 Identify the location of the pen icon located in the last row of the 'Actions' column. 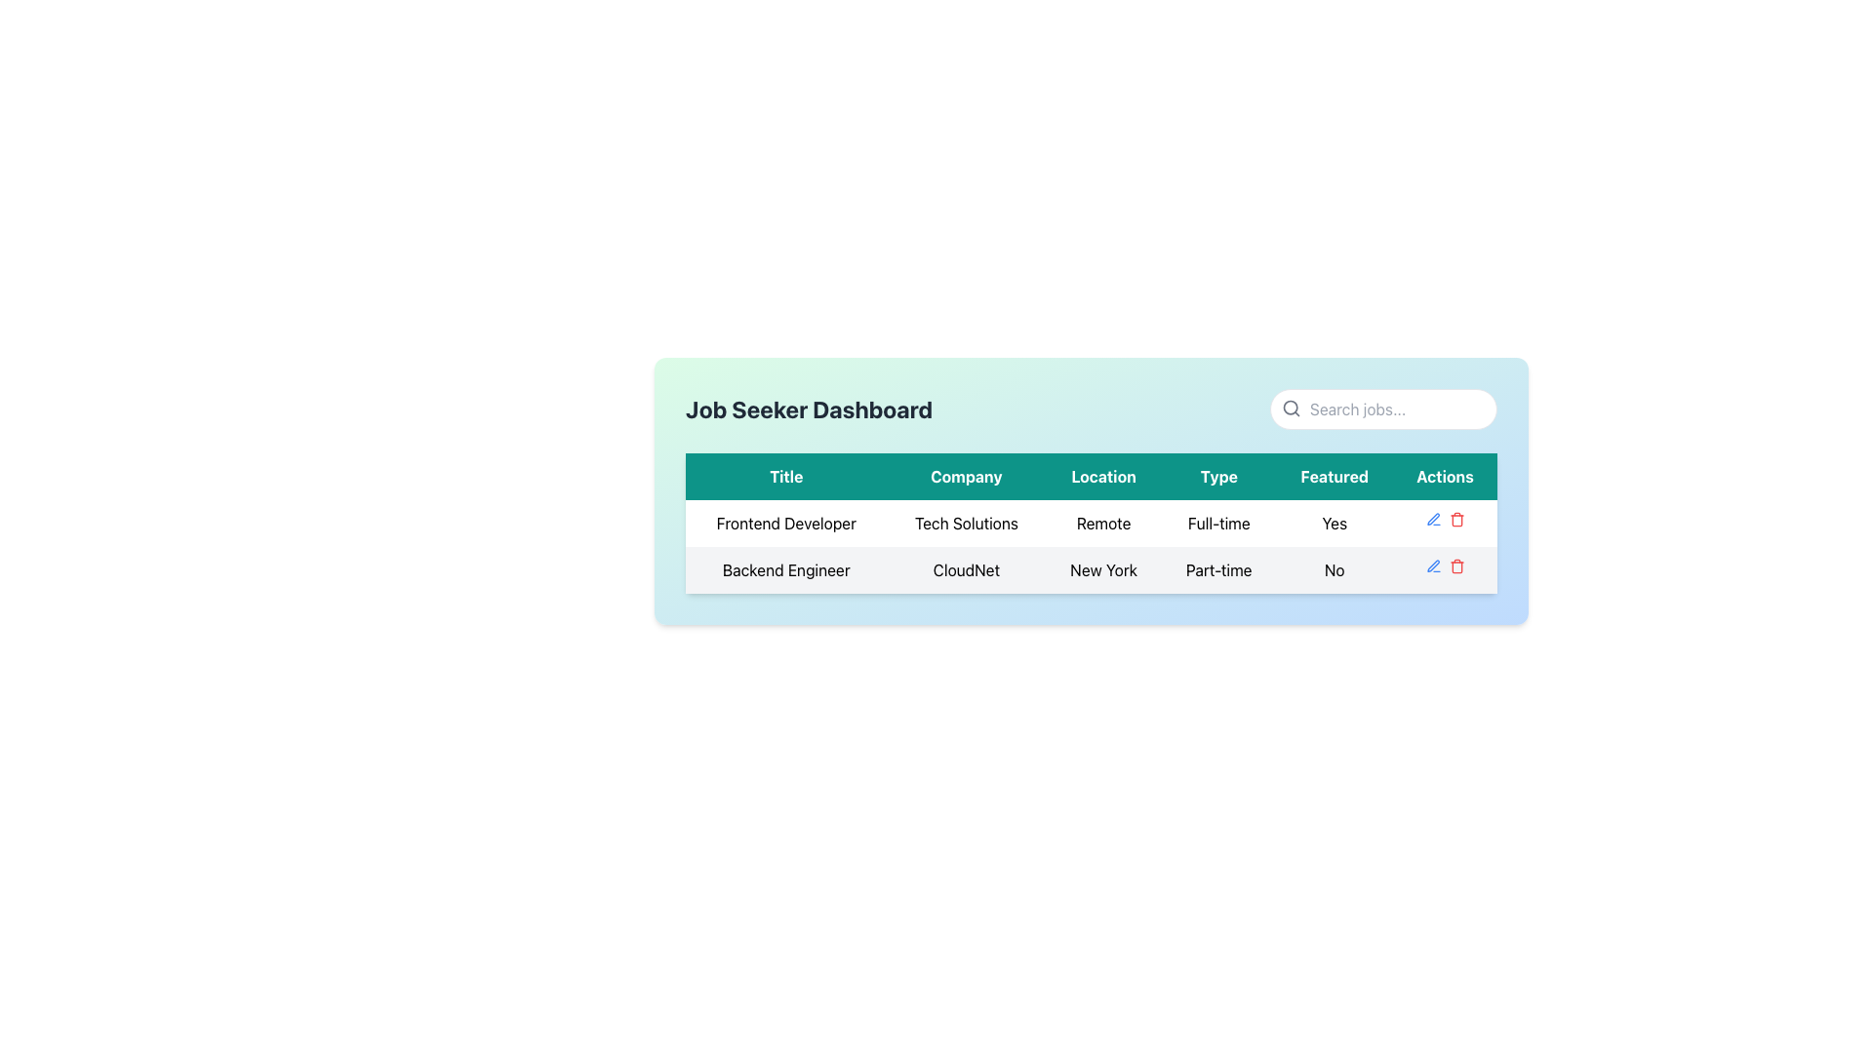
(1433, 518).